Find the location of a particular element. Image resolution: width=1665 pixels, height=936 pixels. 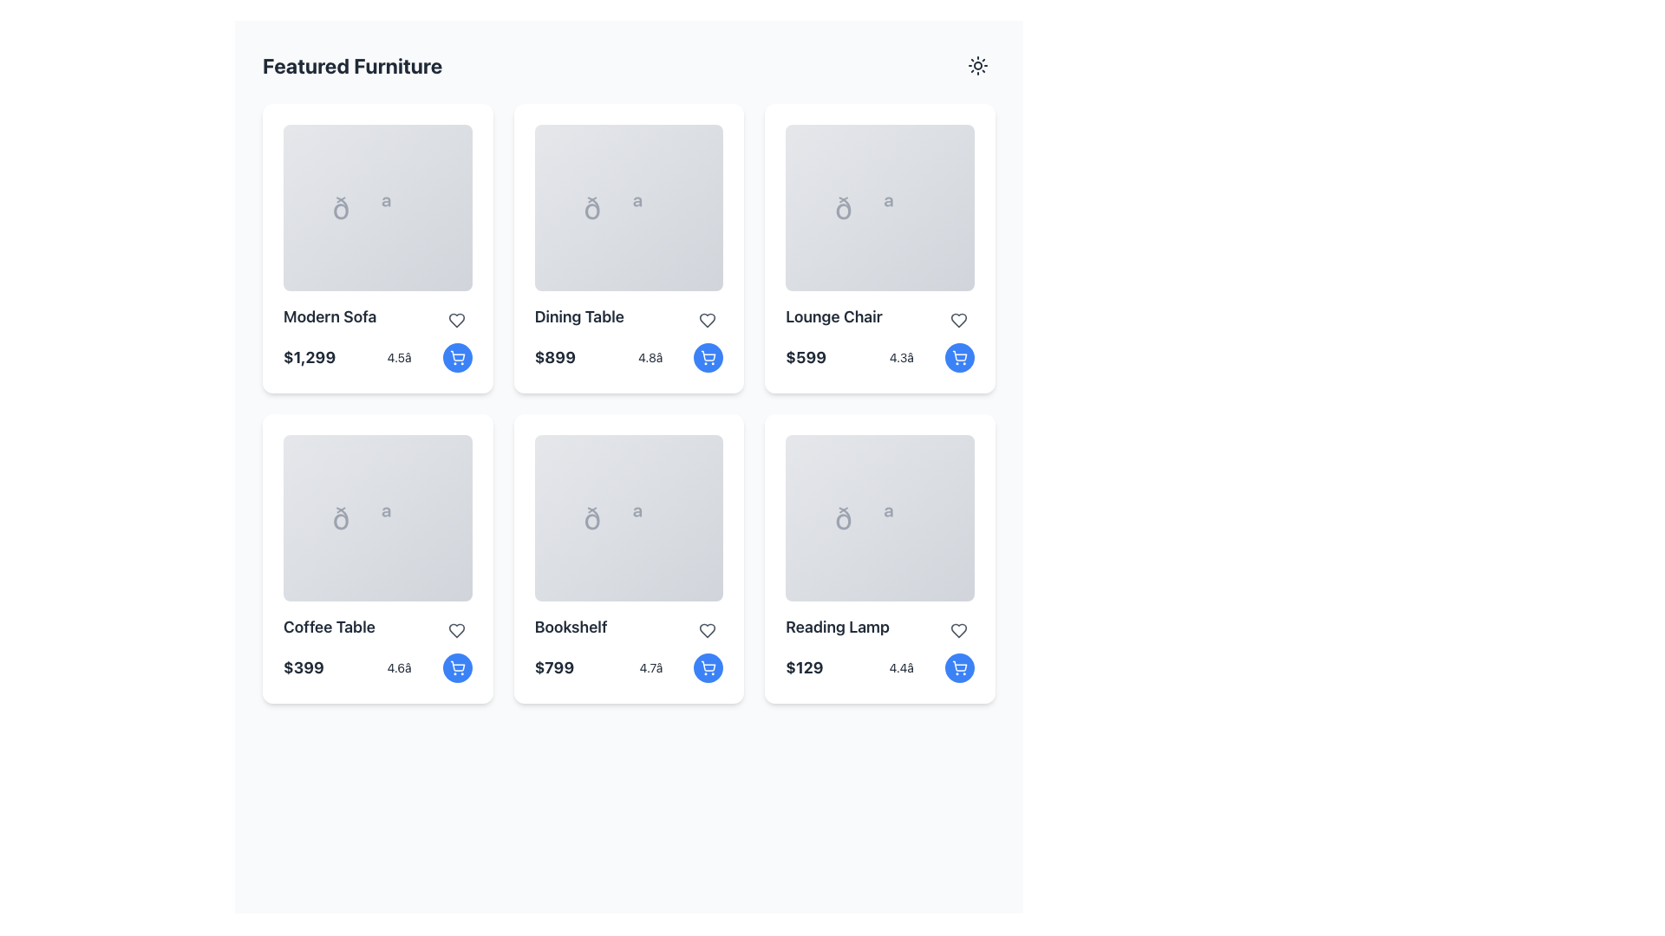

the 'Reading Lamp' product card located in the bottom-right corner of the grid layout is located at coordinates (880, 558).